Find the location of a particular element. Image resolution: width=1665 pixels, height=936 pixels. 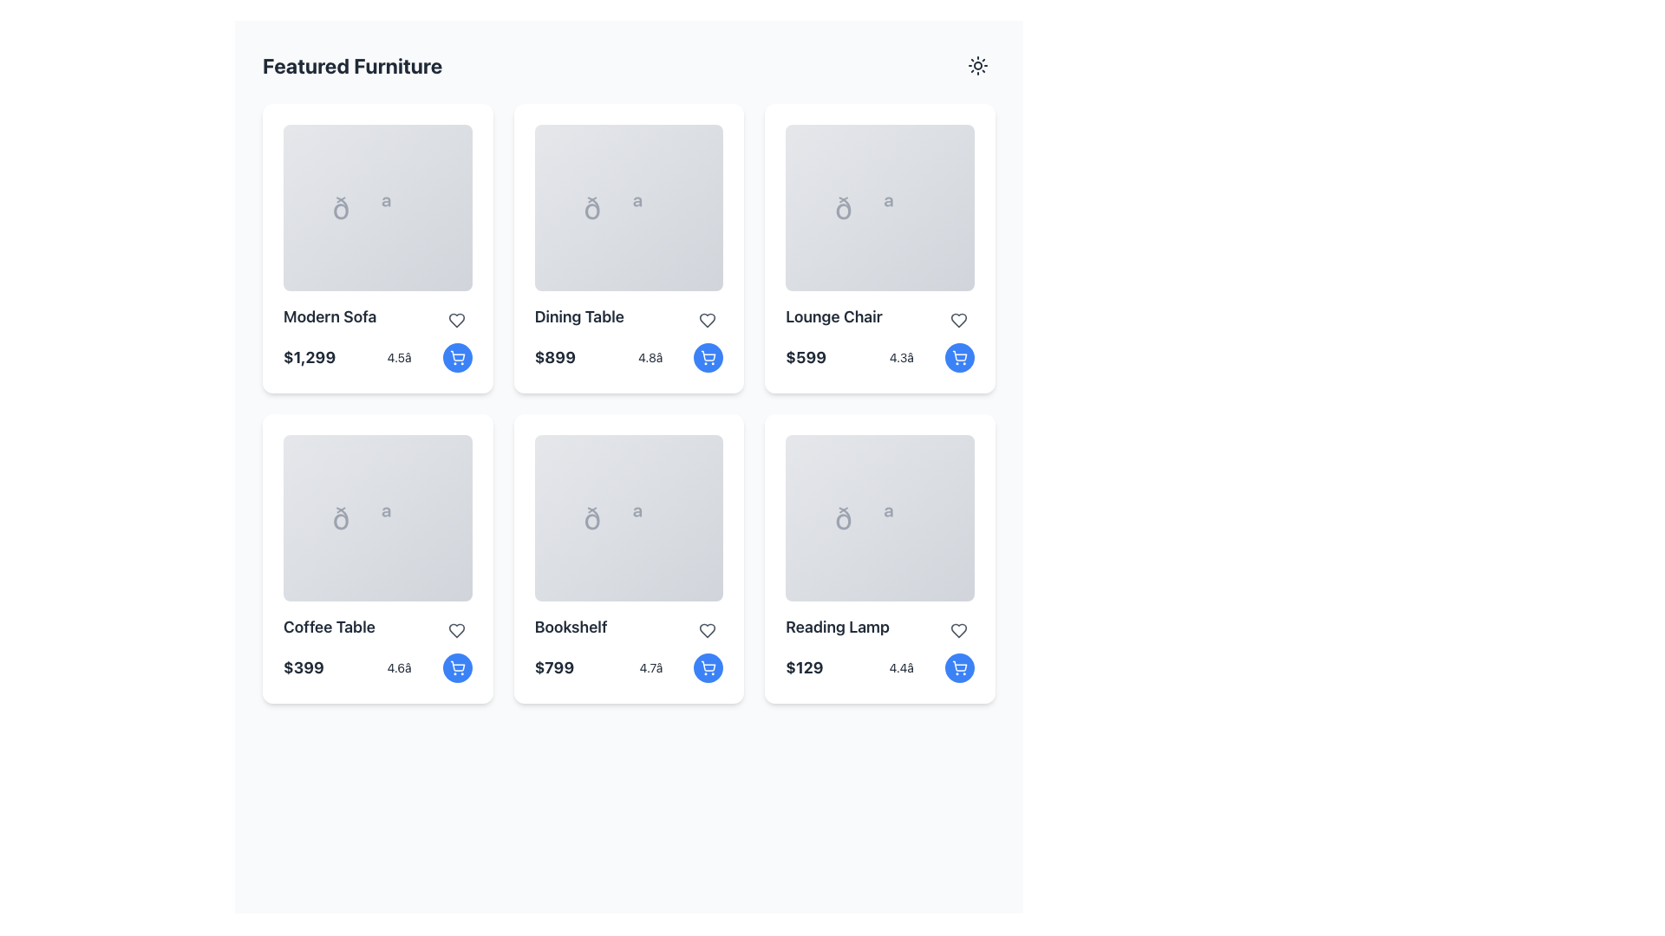

the 'Reading Lamp' product card located in the bottom-right corner of the grid layout is located at coordinates (880, 558).